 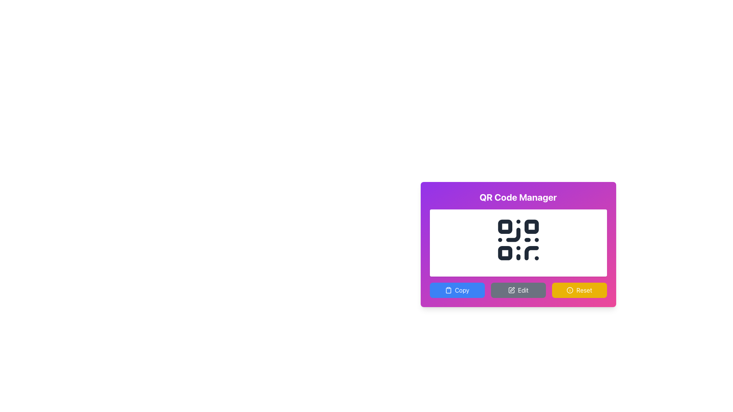 What do you see at coordinates (457, 290) in the screenshot?
I see `the 'Copy' button with a blue background and white text to trigger additional effects or styling feedback` at bounding box center [457, 290].